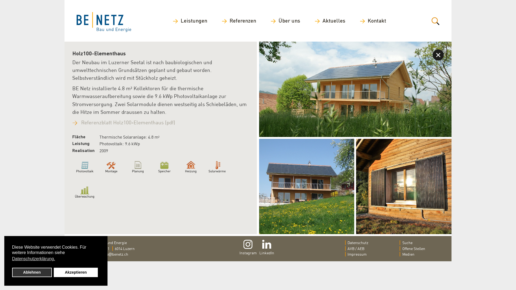 This screenshot has width=516, height=290. I want to click on 'Leistungen', so click(165, 20).